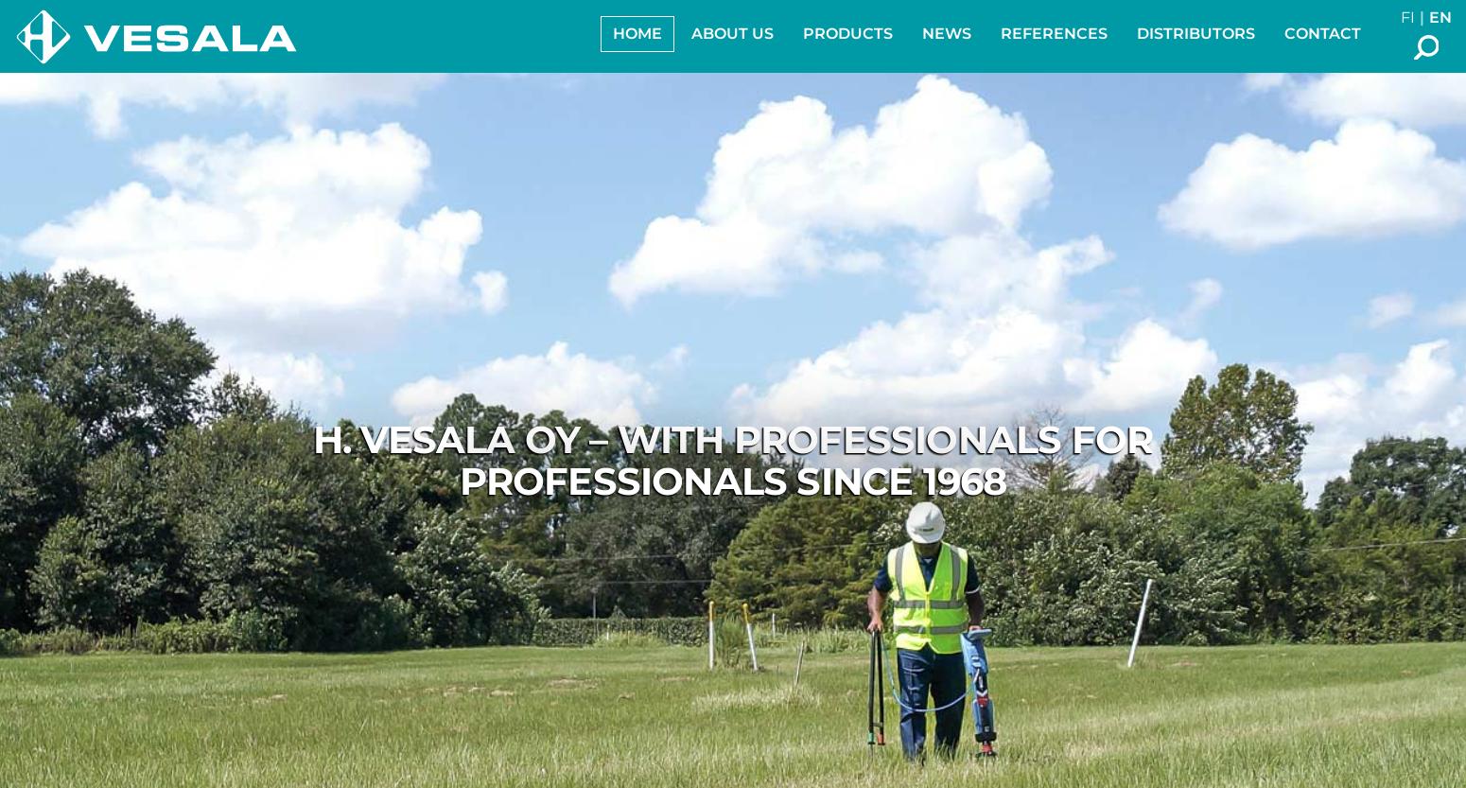 The height and width of the screenshot is (788, 1466). Describe the element at coordinates (1053, 33) in the screenshot. I see `'References'` at that location.